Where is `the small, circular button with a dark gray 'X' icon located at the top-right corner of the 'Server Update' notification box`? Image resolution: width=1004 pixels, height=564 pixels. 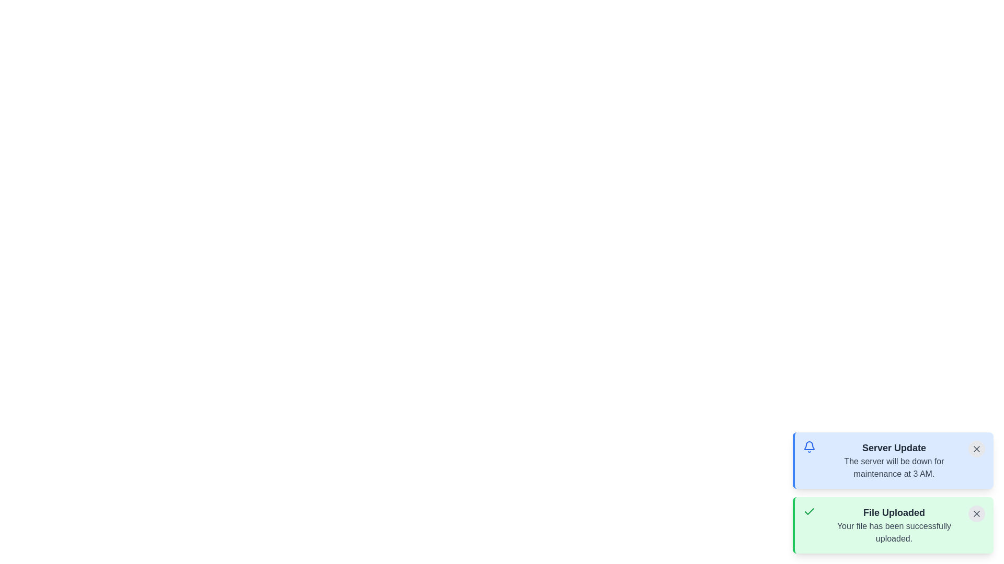 the small, circular button with a dark gray 'X' icon located at the top-right corner of the 'Server Update' notification box is located at coordinates (976, 449).